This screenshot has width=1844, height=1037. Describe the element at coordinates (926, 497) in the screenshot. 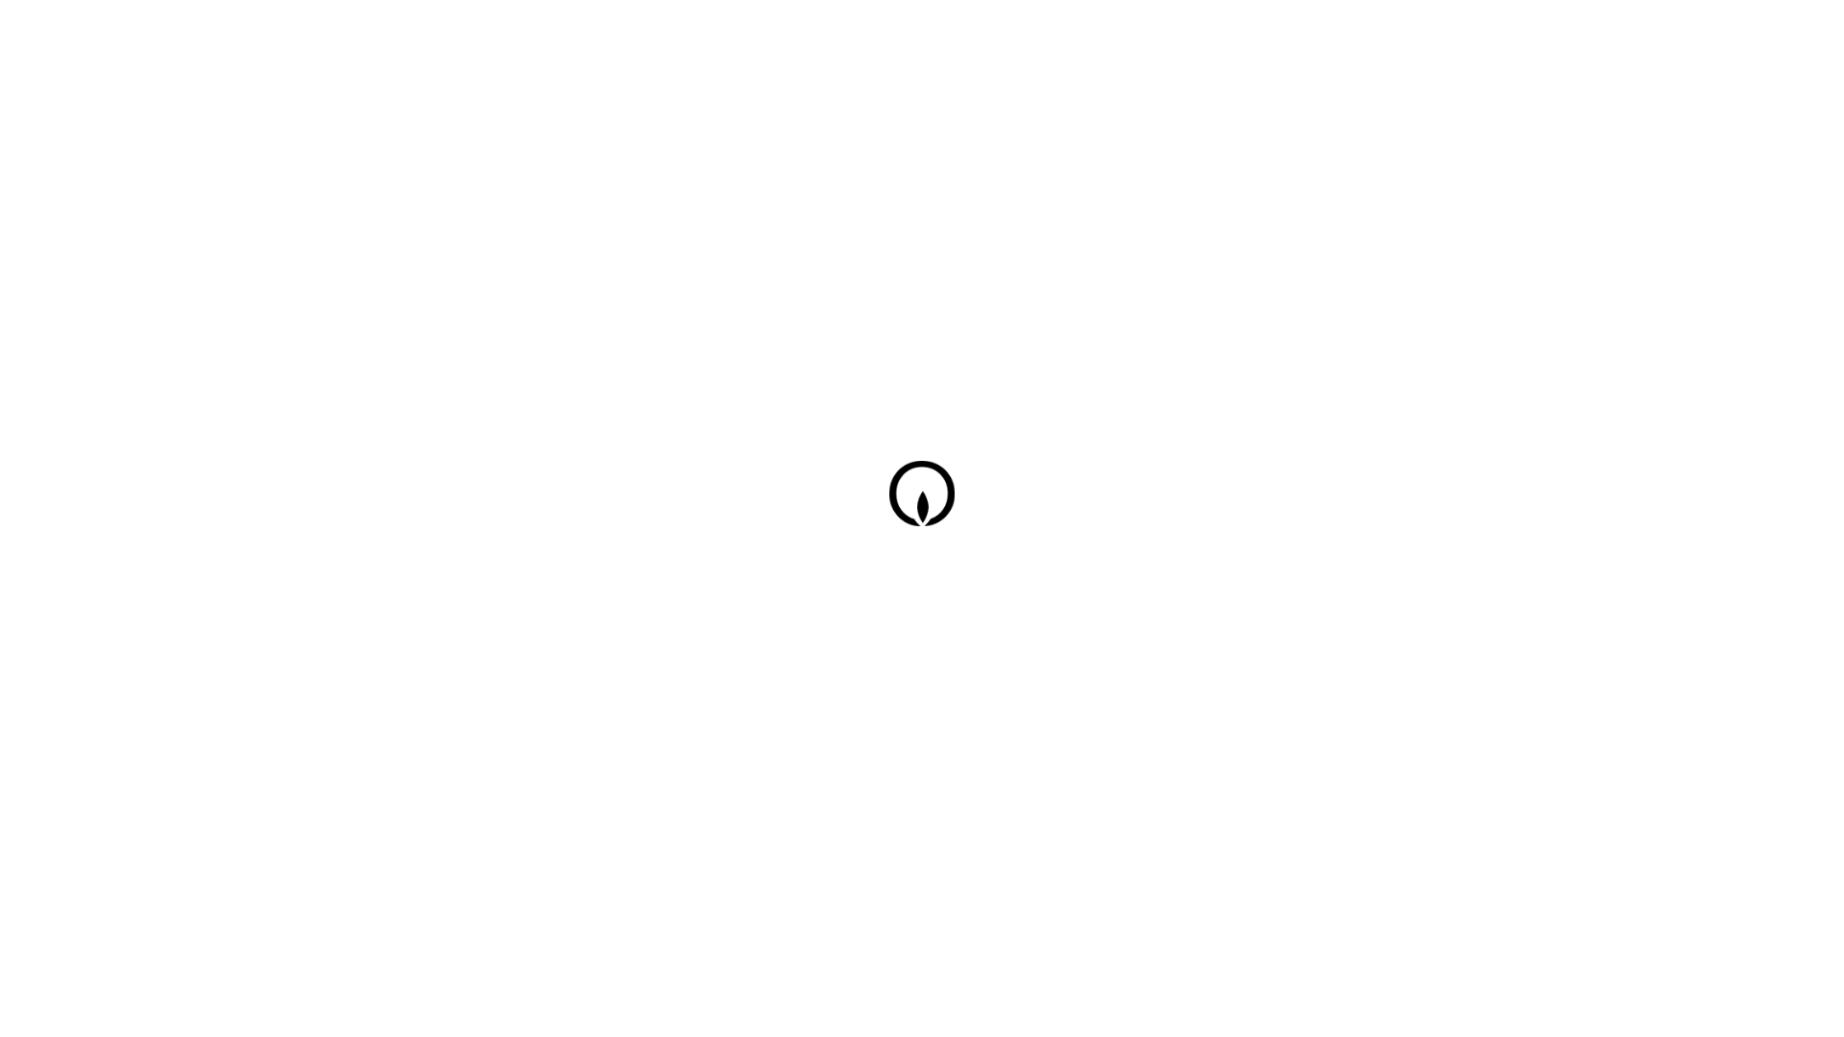

I see `'eroma logo'` at that location.